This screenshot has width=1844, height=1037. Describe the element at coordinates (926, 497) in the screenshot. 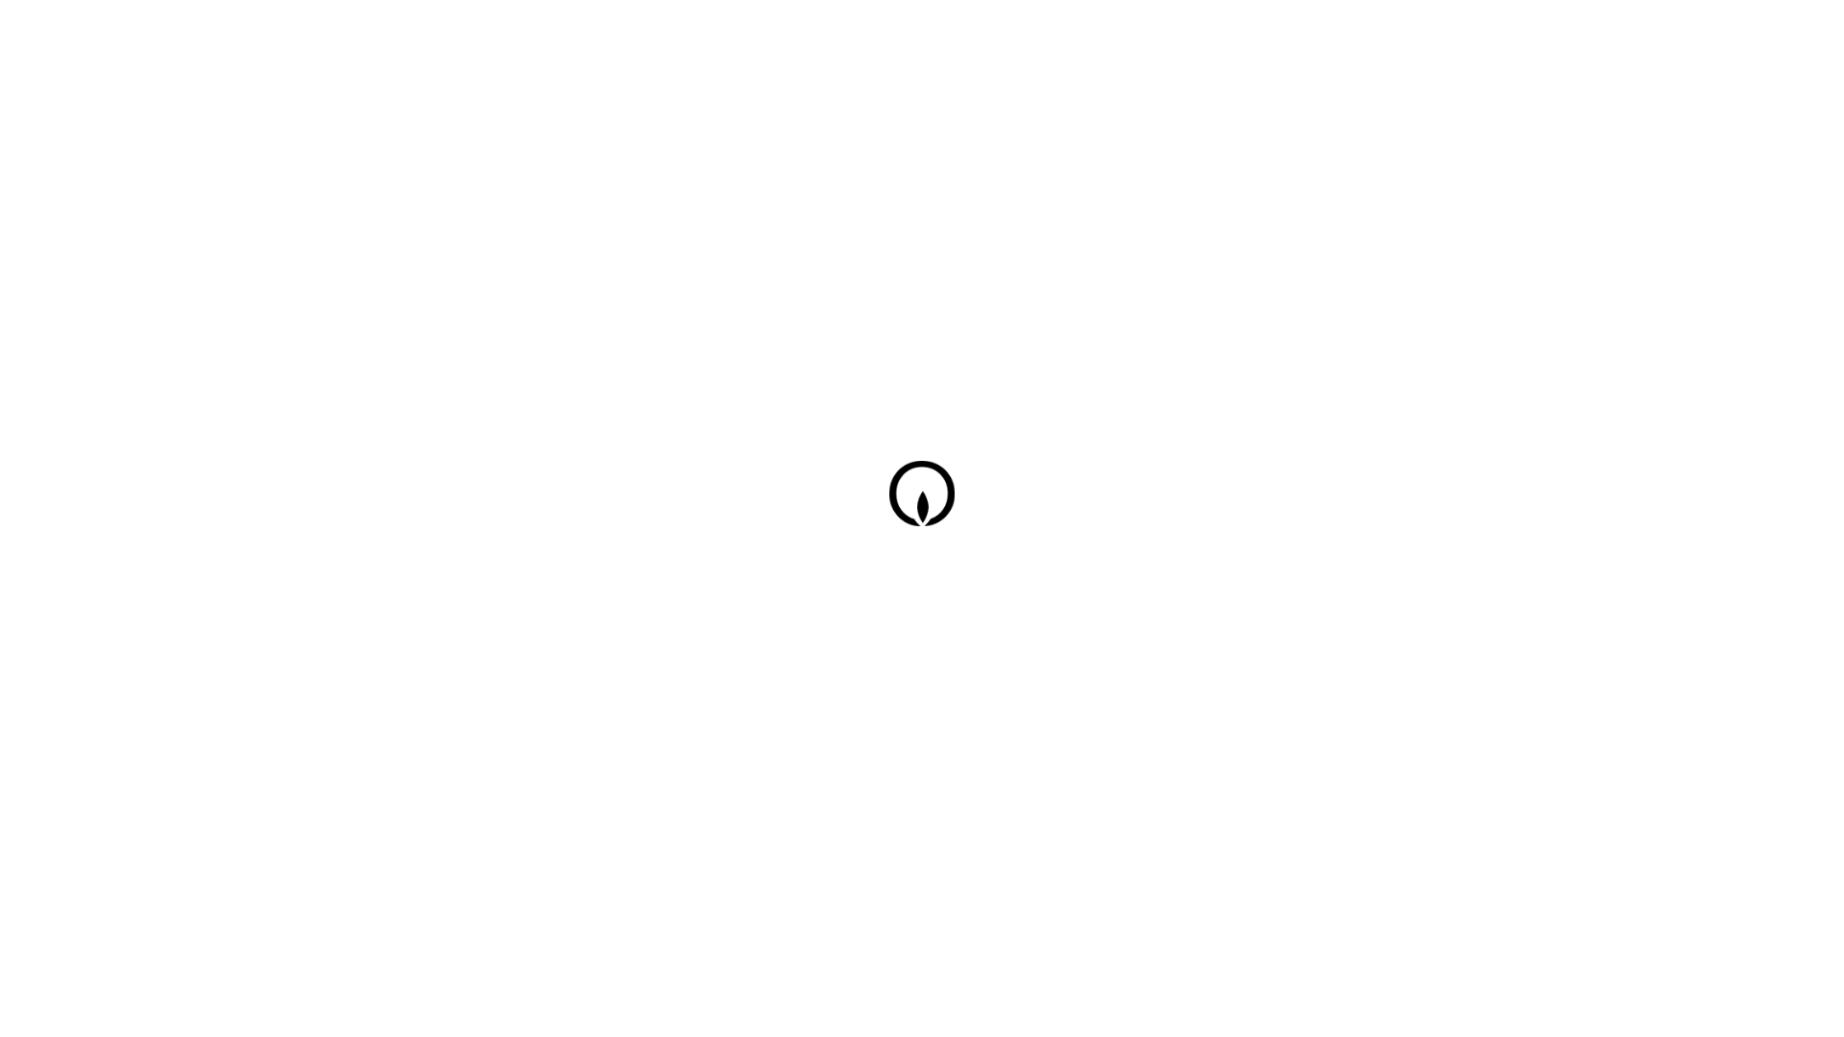

I see `'eroma logo'` at that location.